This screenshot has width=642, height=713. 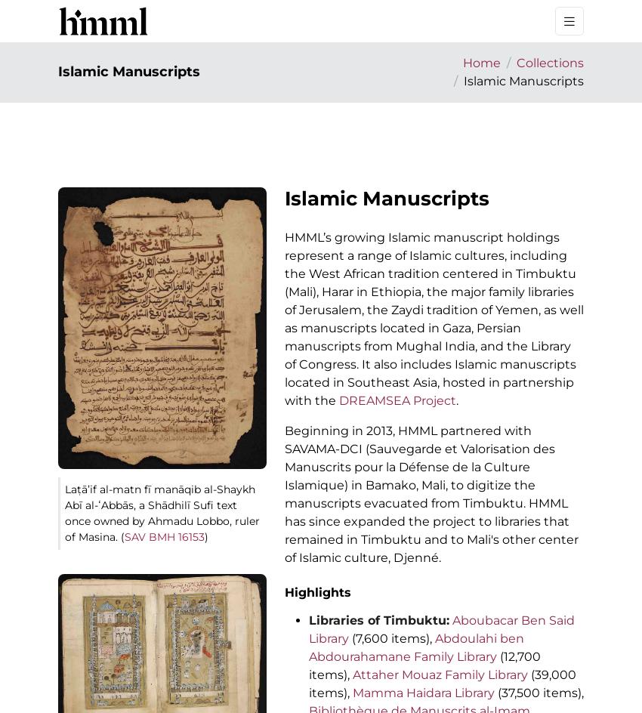 What do you see at coordinates (162, 512) in the screenshot?
I see `'Laṭāʼif al-matn fī manāqib al-Shaykh Abī al-ʻAbbās, a Shādhilī Sufi text once owned by Ahmadu Lobbo, ruler of Masina. ('` at bounding box center [162, 512].